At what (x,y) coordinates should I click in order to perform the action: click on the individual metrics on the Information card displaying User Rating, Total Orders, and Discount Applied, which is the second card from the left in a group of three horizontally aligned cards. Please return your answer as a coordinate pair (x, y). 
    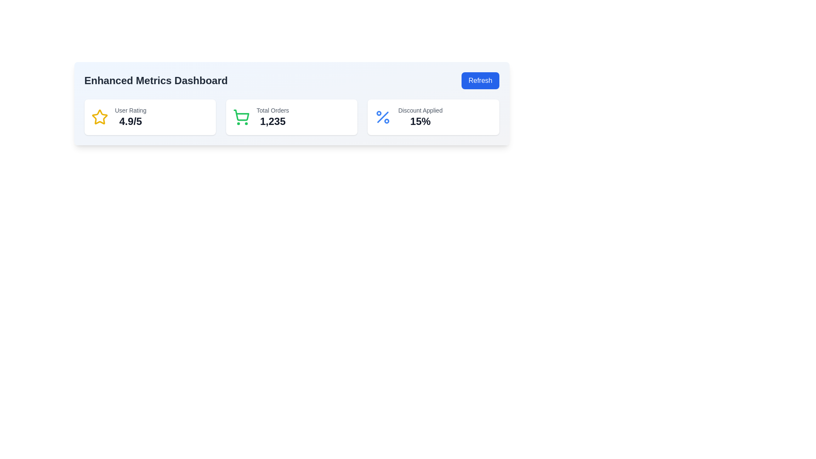
    Looking at the image, I should click on (292, 117).